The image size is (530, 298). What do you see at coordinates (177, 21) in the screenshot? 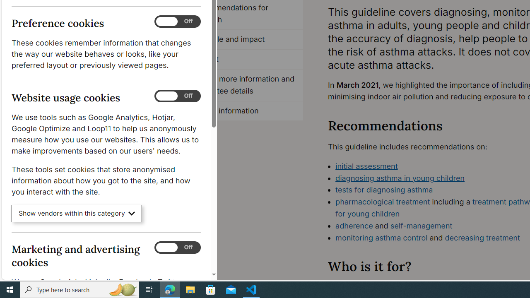
I see `'Preference cookies'` at bounding box center [177, 21].